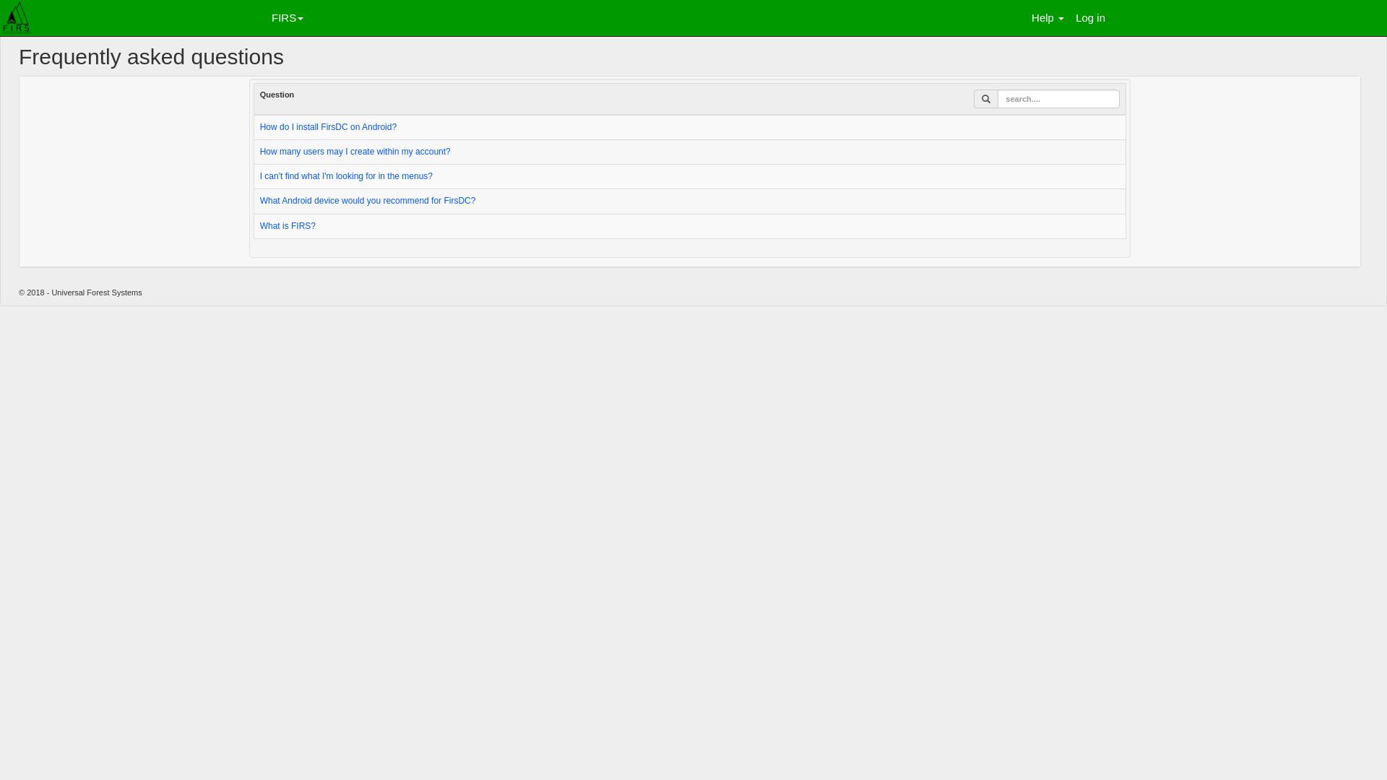  Describe the element at coordinates (355, 152) in the screenshot. I see `'How many users may I create within my account?'` at that location.